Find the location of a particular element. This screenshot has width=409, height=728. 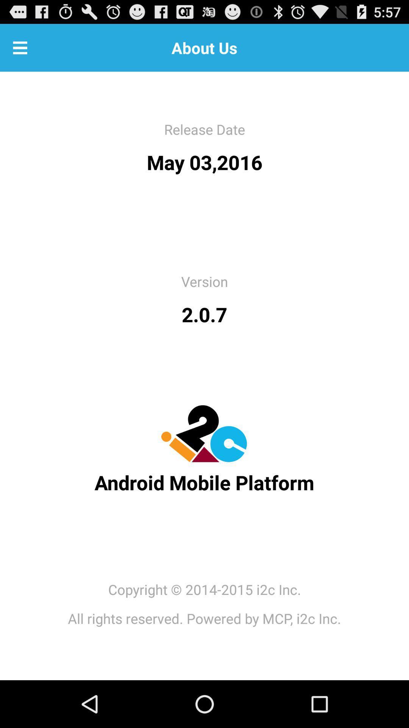

the icon next to the about us item is located at coordinates (20, 47).